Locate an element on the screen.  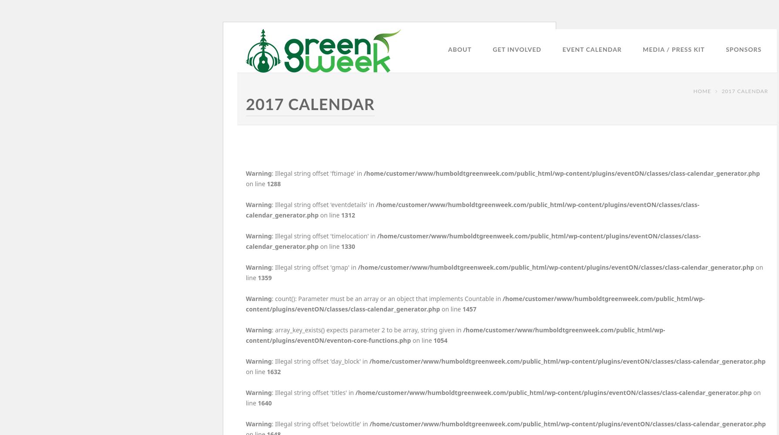
'1457' is located at coordinates (469, 308).